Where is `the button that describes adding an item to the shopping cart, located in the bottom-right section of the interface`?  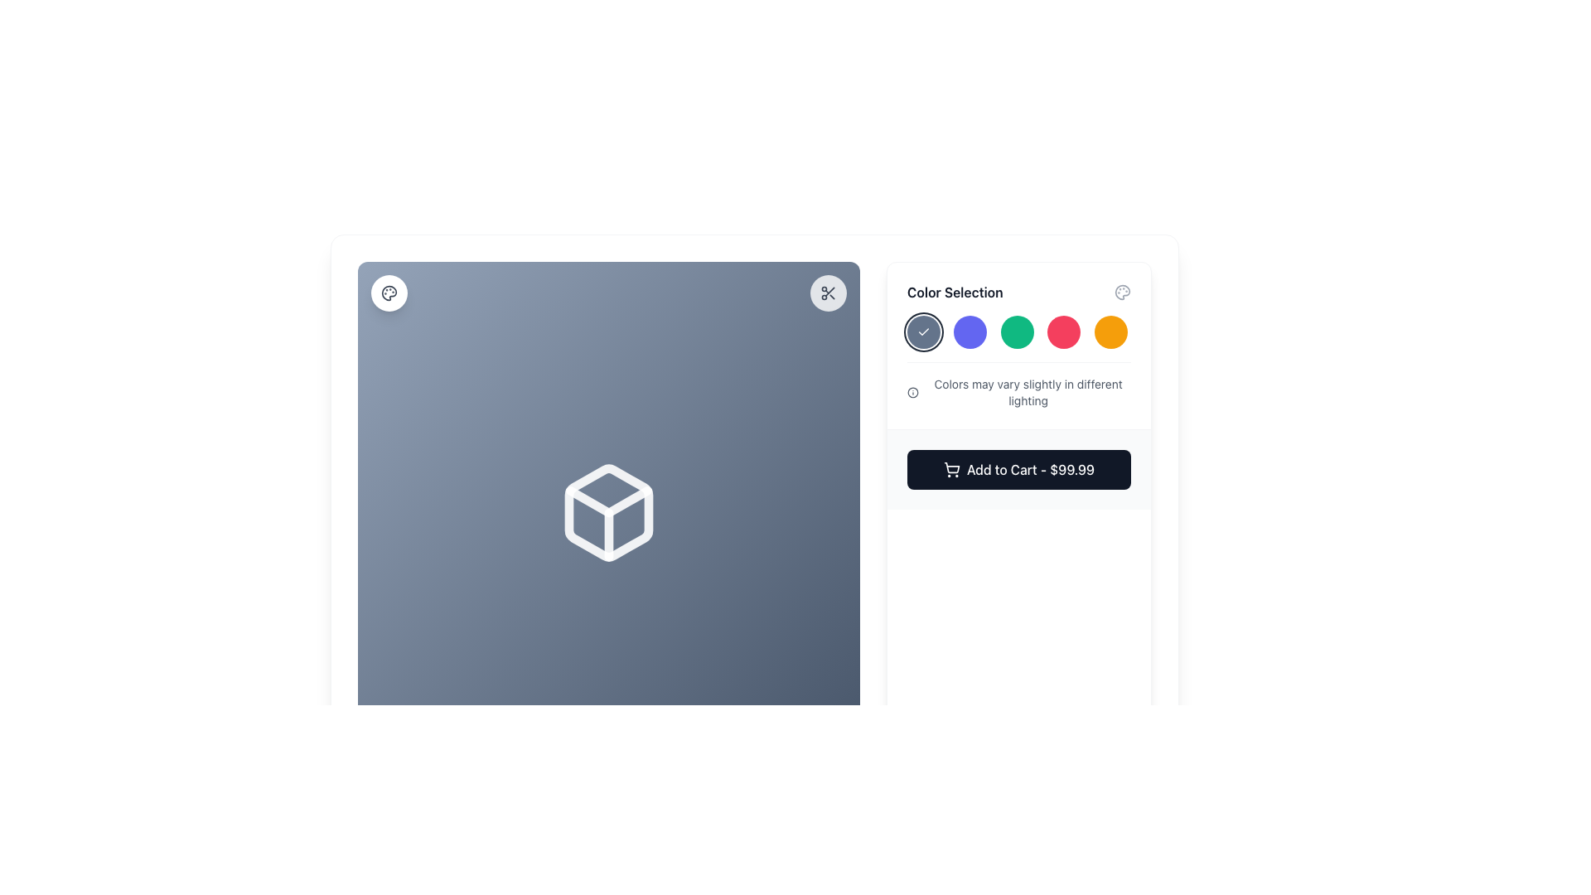
the button that describes adding an item to the shopping cart, located in the bottom-right section of the interface is located at coordinates (1029, 470).